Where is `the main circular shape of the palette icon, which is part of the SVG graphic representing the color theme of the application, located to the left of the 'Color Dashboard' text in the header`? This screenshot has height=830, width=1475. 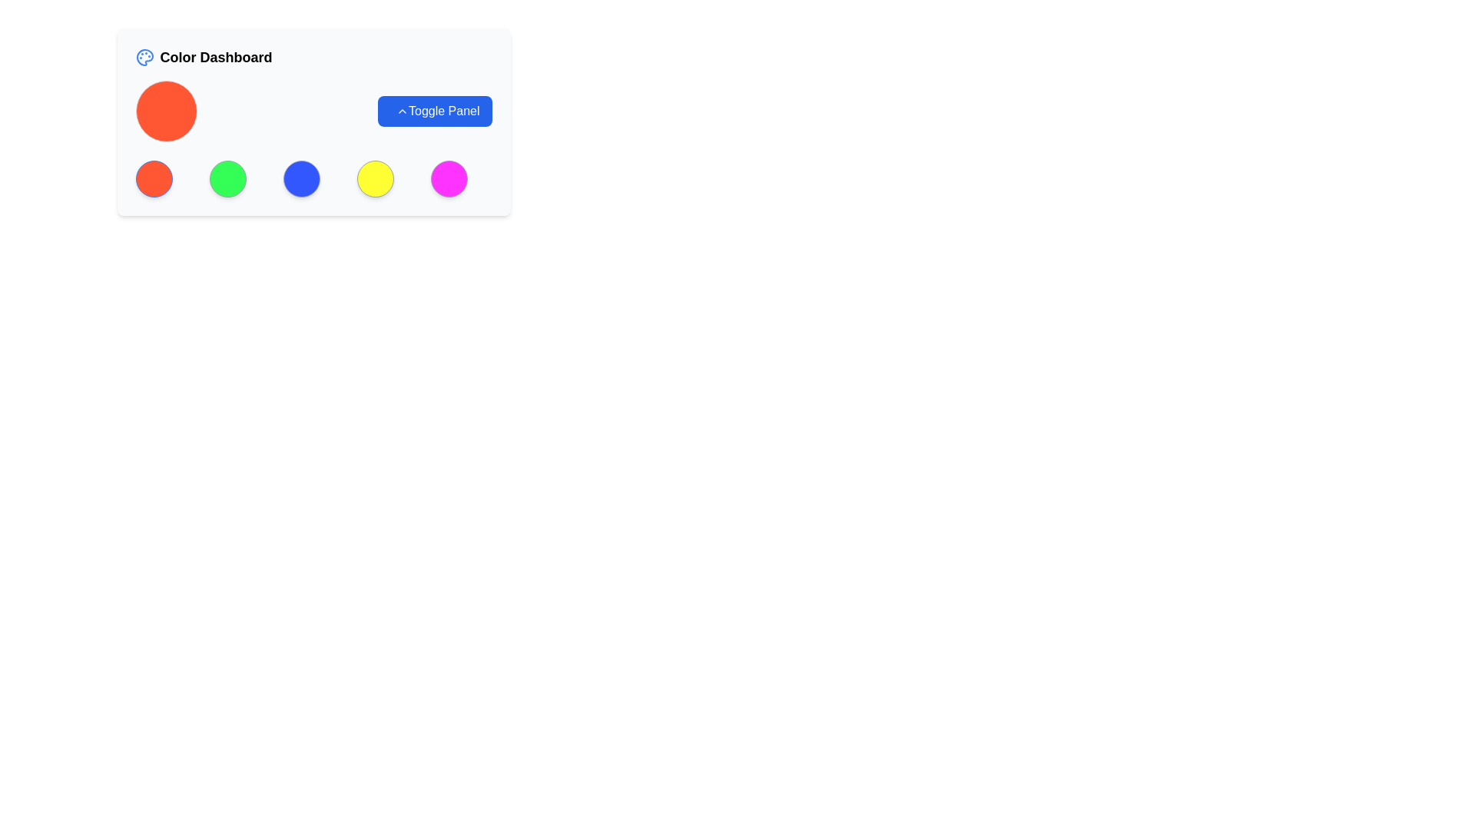 the main circular shape of the palette icon, which is part of the SVG graphic representing the color theme of the application, located to the left of the 'Color Dashboard' text in the header is located at coordinates (144, 56).